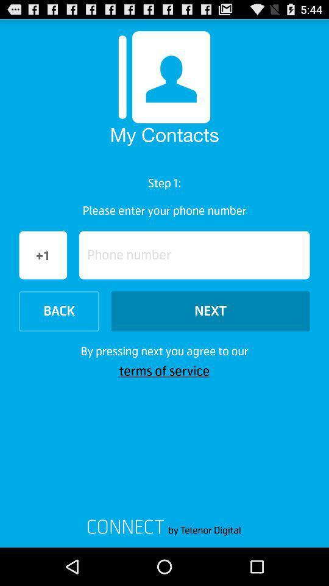 This screenshot has height=586, width=329. I want to click on icon to the left of the next item, so click(58, 311).